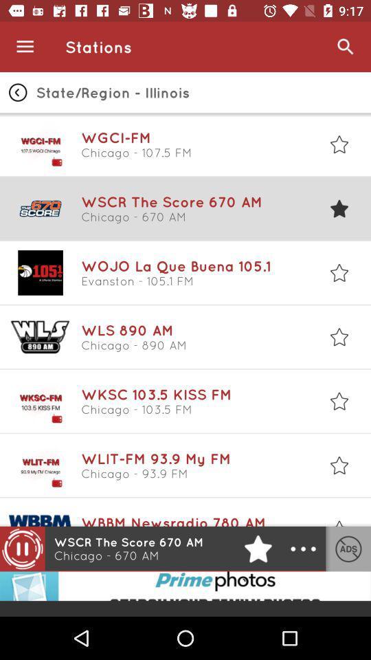  Describe the element at coordinates (303, 549) in the screenshot. I see `the more icon` at that location.